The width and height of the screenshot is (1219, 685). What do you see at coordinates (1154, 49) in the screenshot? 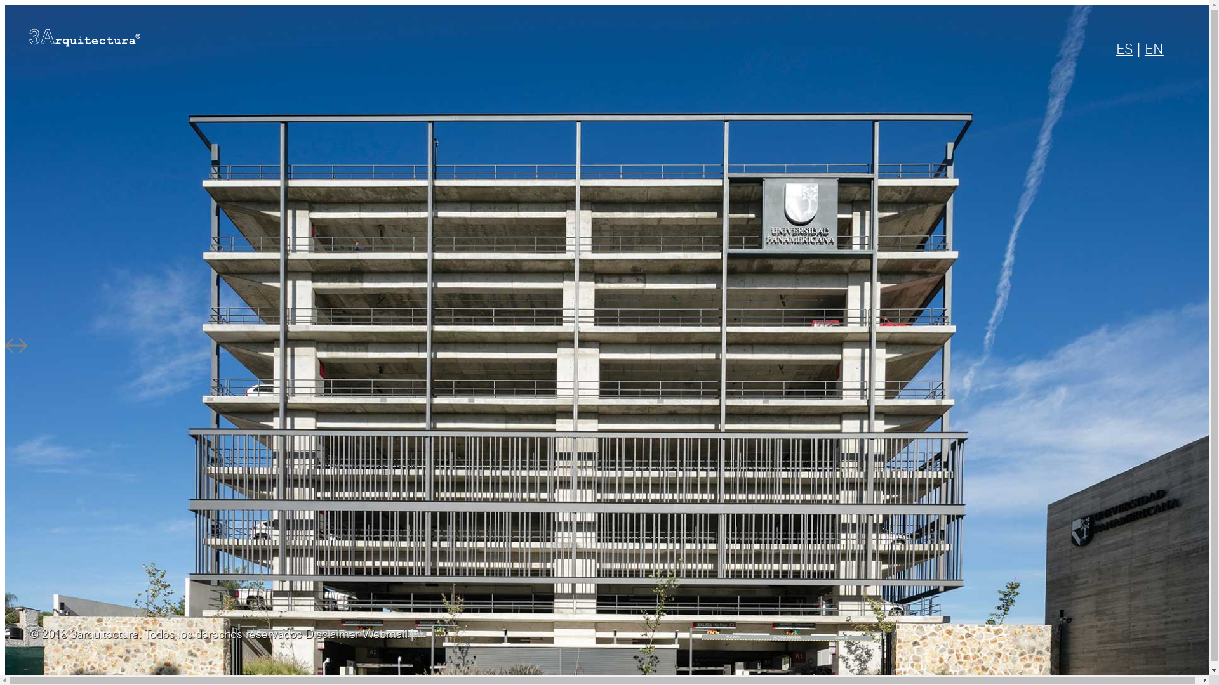
I see `'EN'` at bounding box center [1154, 49].